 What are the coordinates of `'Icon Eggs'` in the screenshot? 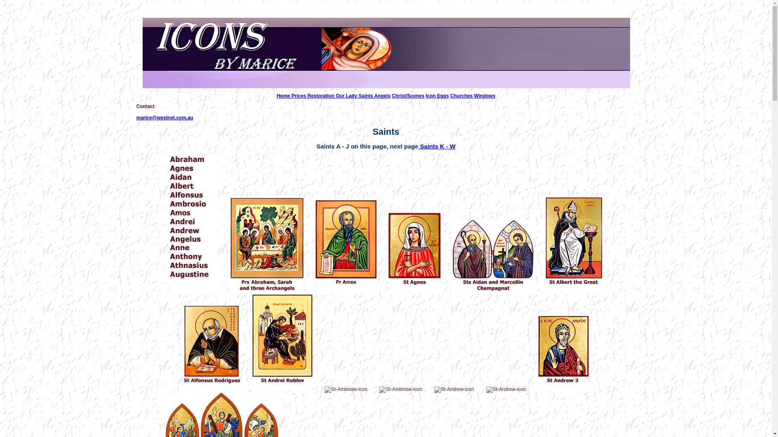 It's located at (436, 95).